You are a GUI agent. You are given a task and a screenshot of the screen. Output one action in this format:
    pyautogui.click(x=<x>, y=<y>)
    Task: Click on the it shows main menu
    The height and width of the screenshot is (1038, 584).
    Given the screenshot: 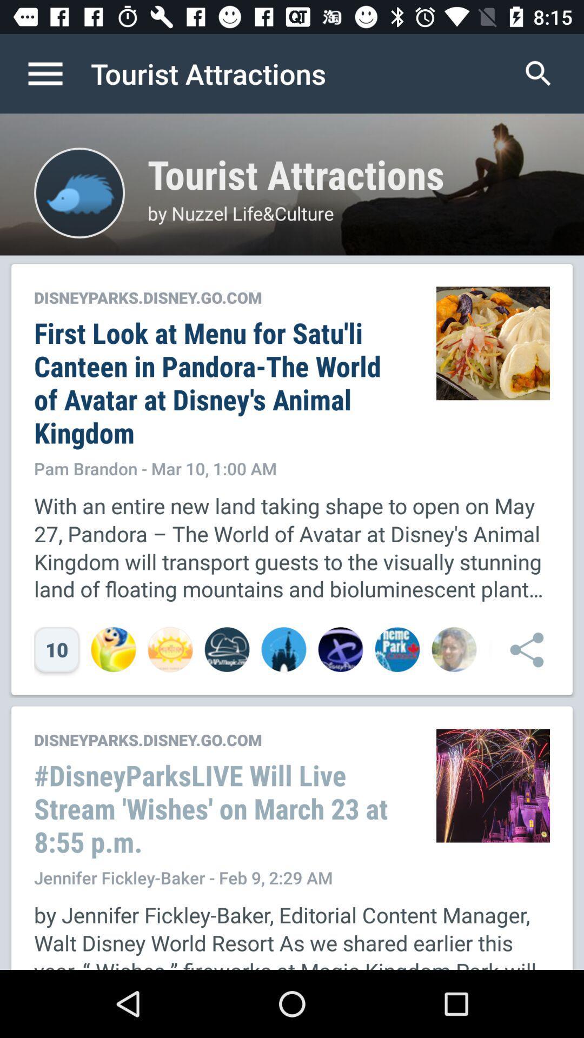 What is the action you would take?
    pyautogui.click(x=56, y=73)
    